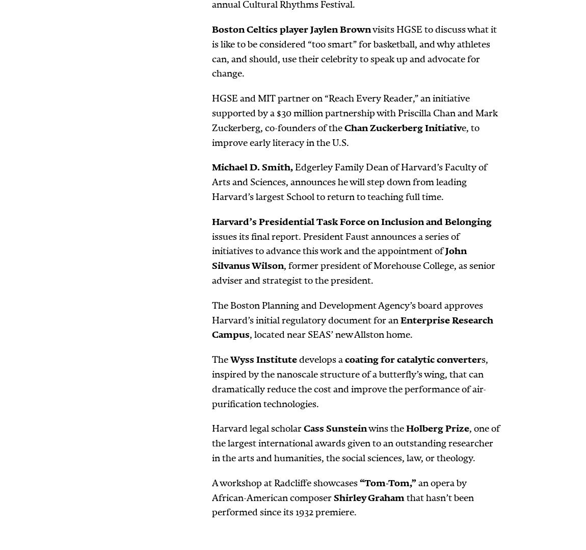  I want to click on 'Harvard legal scholar', so click(258, 428).